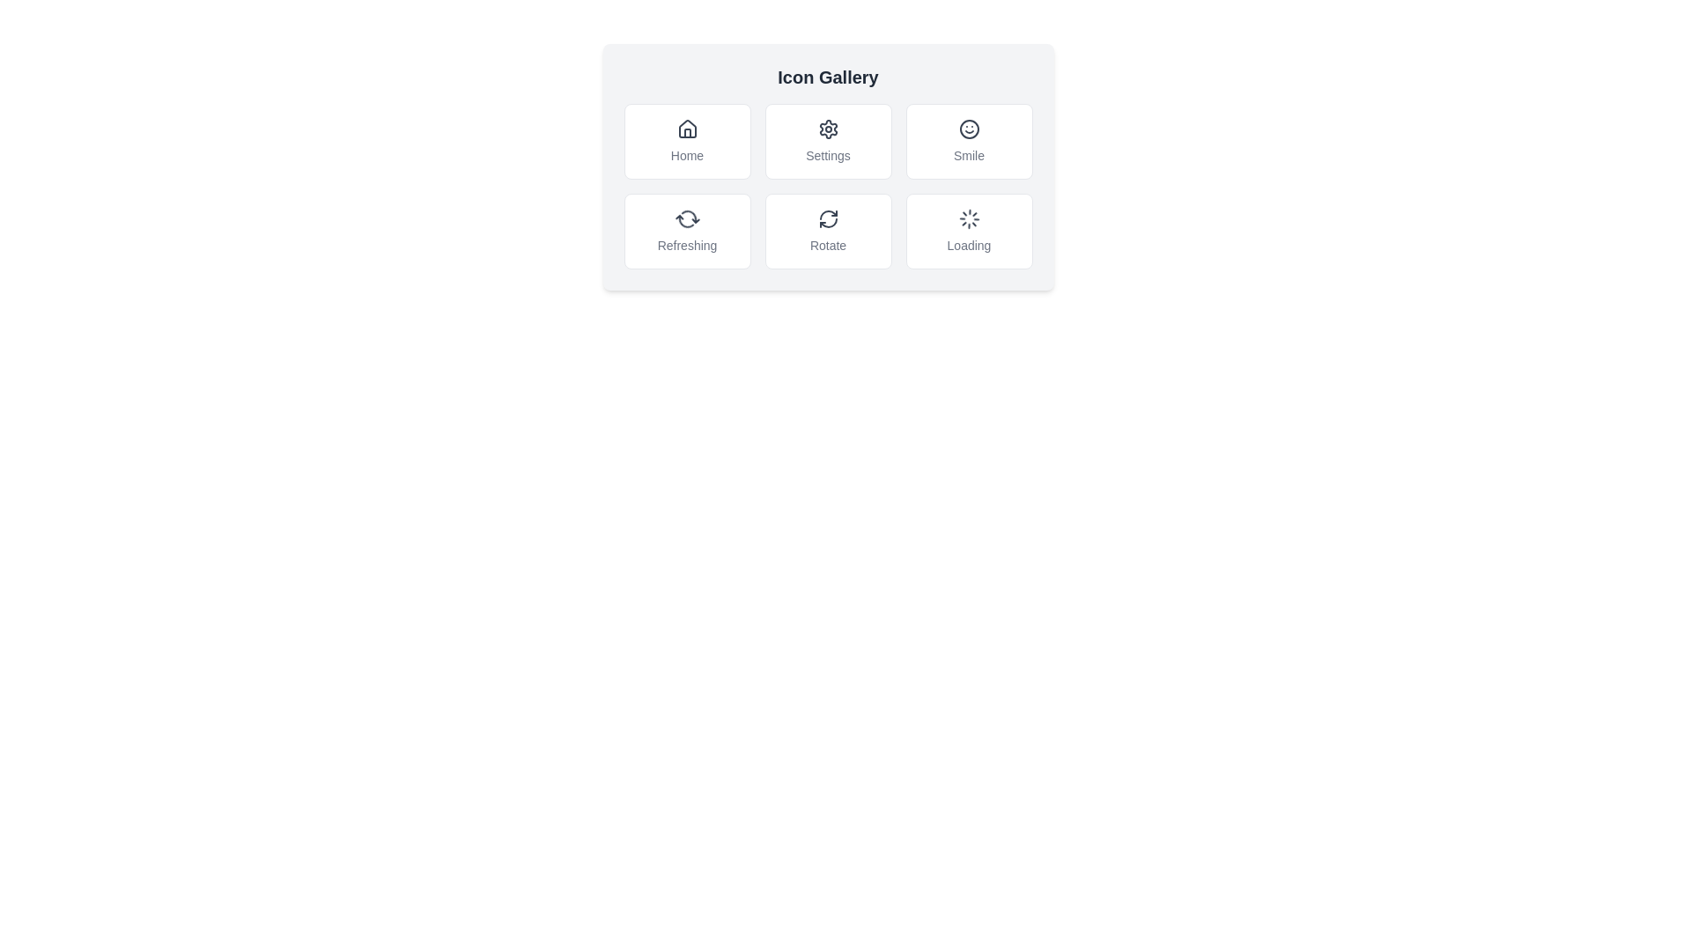 The image size is (1691, 951). I want to click on the 'smile' icon button located in the third column of the first row in the Icon Gallery, so click(968, 141).